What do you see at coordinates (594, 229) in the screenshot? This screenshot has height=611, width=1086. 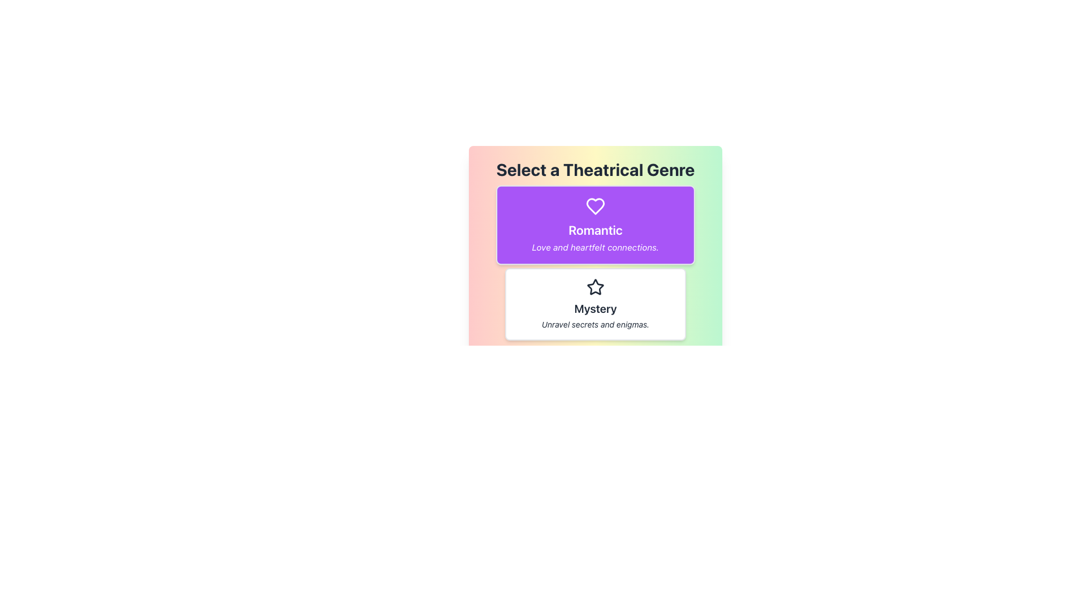 I see `the bold text label reading 'Romantic' which is centrally located within a purple card layout` at bounding box center [594, 229].